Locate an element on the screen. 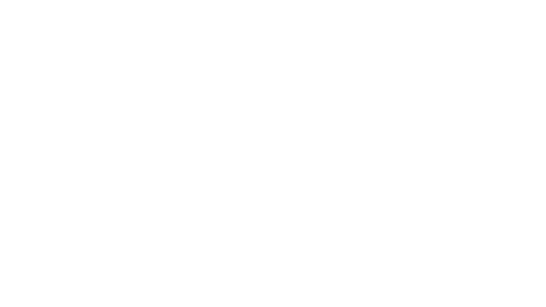 This screenshot has height=307, width=546. See more is located at coordinates (325, 209).